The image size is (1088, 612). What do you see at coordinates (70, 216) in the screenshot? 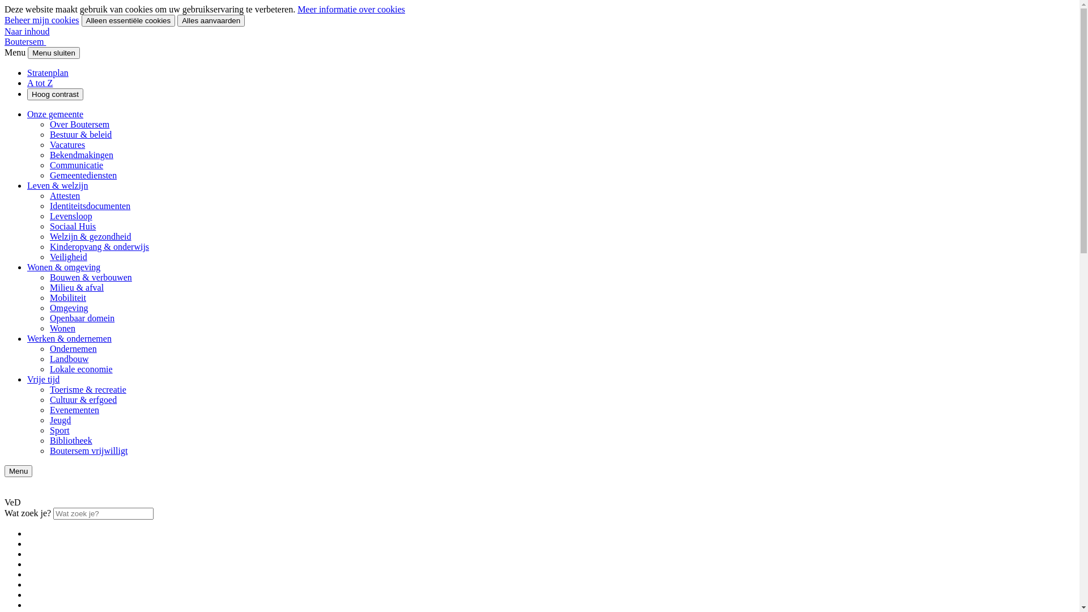
I see `'Levensloop'` at bounding box center [70, 216].